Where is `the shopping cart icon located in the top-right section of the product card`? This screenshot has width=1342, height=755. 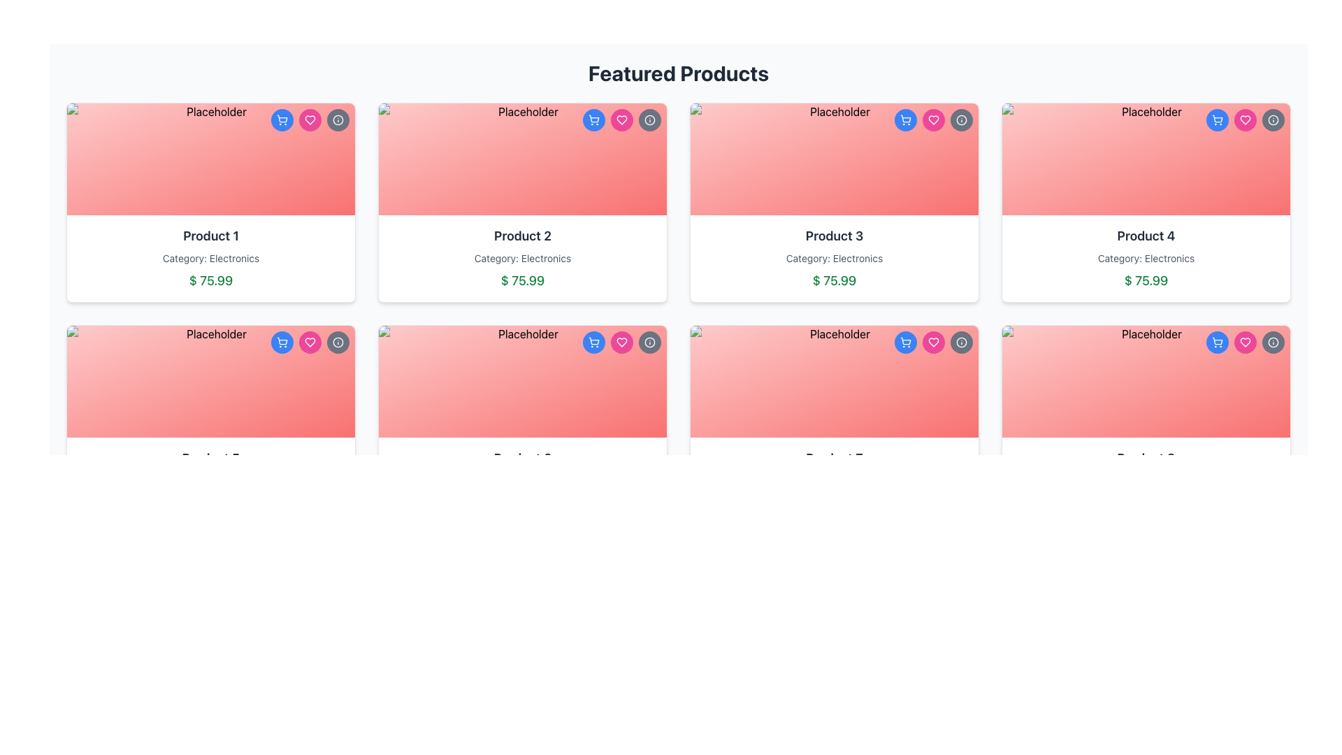 the shopping cart icon located in the top-right section of the product card is located at coordinates (906, 341).